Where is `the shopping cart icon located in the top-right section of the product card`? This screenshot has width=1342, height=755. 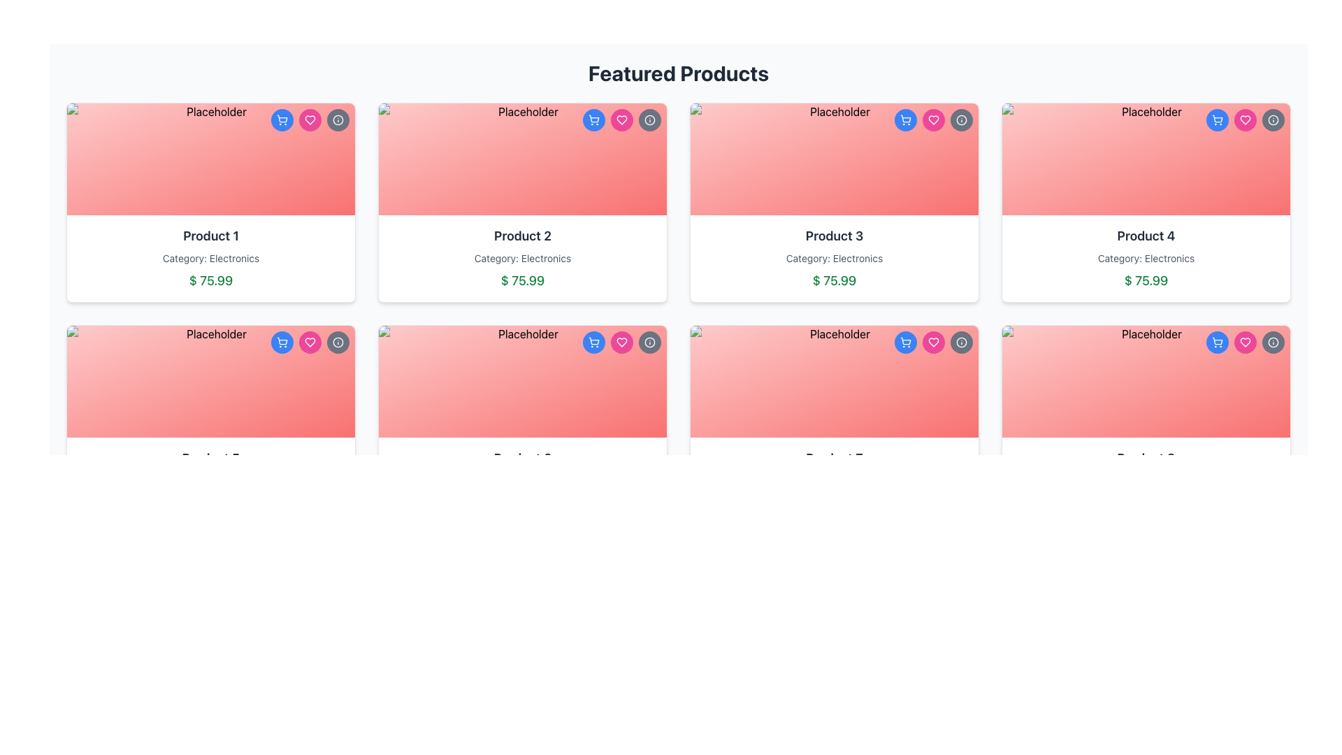 the shopping cart icon located in the top-right section of the product card is located at coordinates (906, 341).